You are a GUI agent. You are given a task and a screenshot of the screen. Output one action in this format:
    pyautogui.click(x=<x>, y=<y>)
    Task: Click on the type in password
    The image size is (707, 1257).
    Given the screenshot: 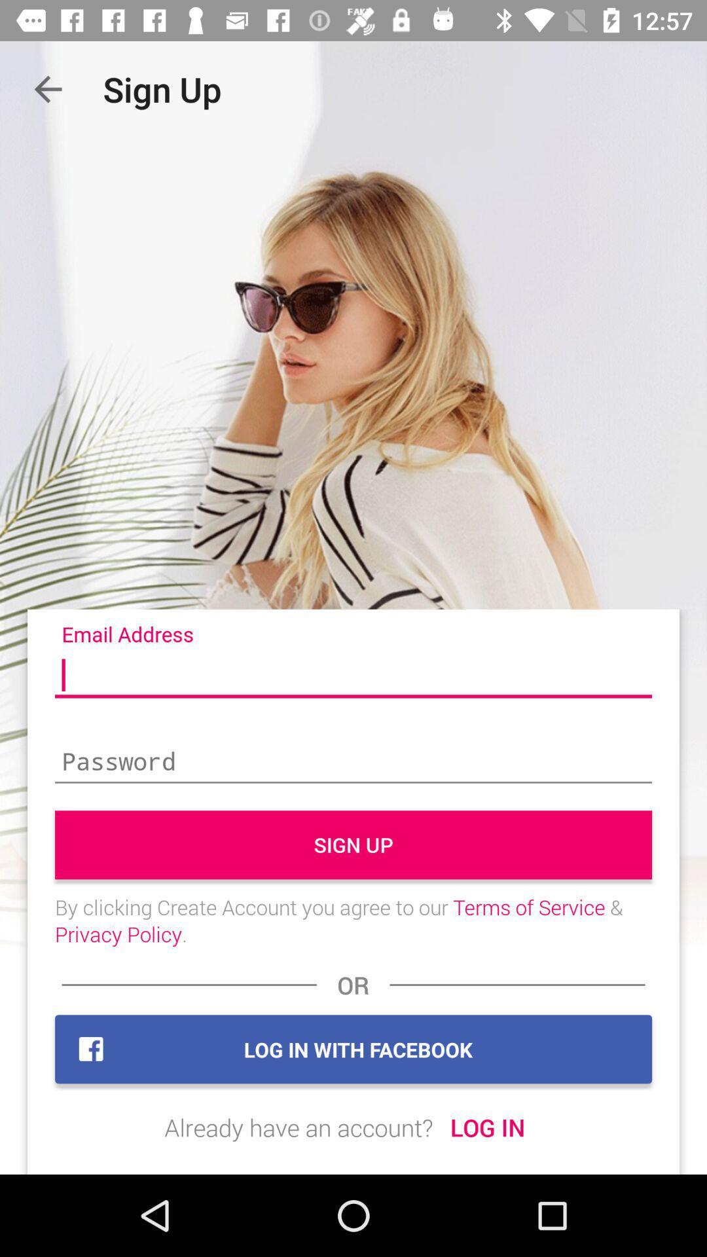 What is the action you would take?
    pyautogui.click(x=353, y=763)
    